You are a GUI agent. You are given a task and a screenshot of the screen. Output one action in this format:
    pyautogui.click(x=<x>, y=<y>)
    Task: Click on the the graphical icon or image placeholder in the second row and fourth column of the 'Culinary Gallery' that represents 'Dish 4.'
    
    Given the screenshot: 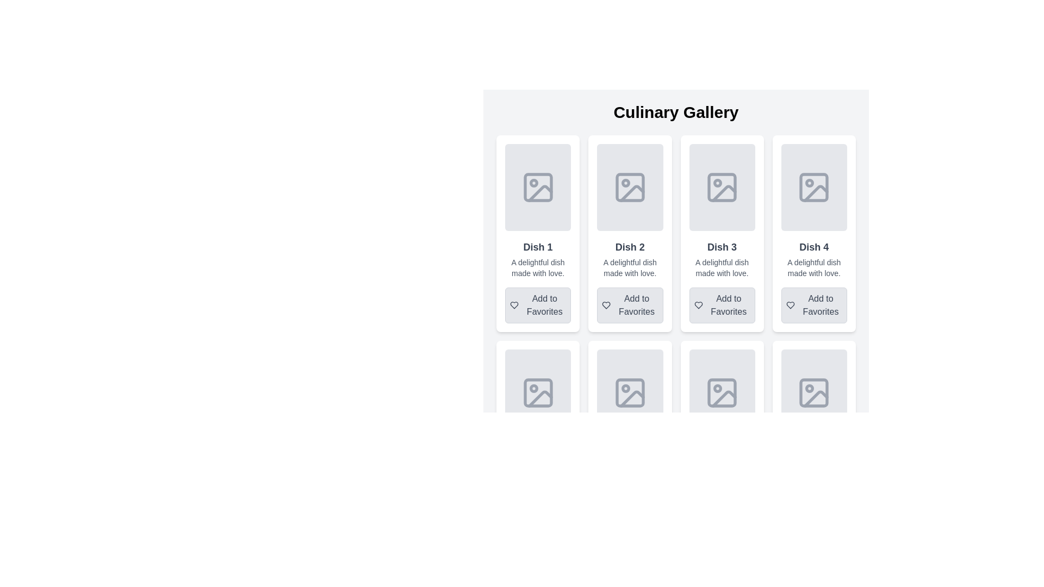 What is the action you would take?
    pyautogui.click(x=722, y=392)
    